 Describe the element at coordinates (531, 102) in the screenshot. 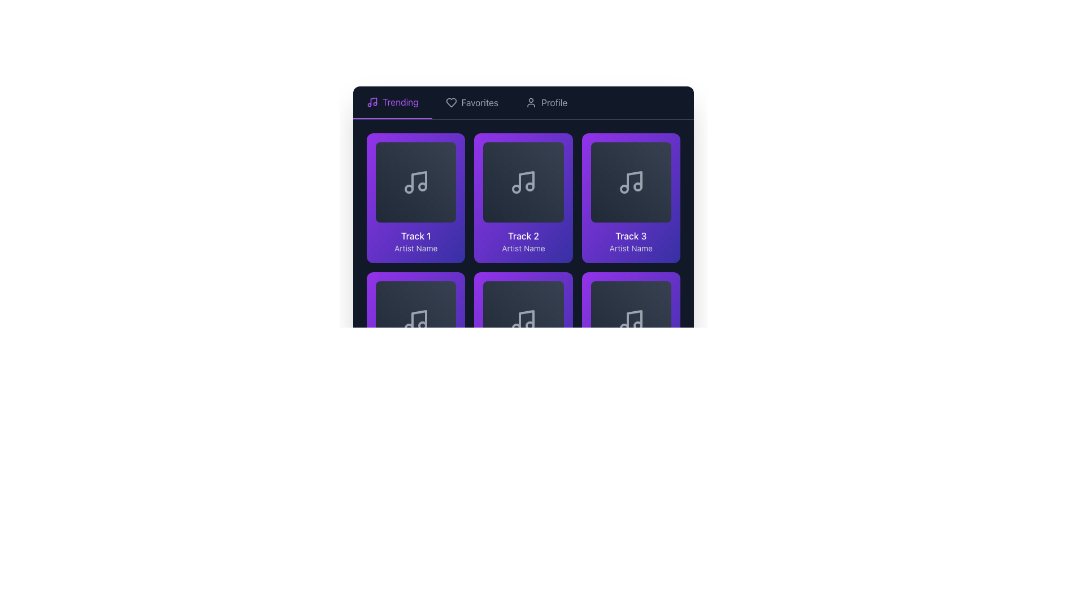

I see `the user icon, which is a simple outline style human figure with a circular head and torso, located in the top navigation bar between the 'Favorites' option and the 'Profile' text label` at that location.